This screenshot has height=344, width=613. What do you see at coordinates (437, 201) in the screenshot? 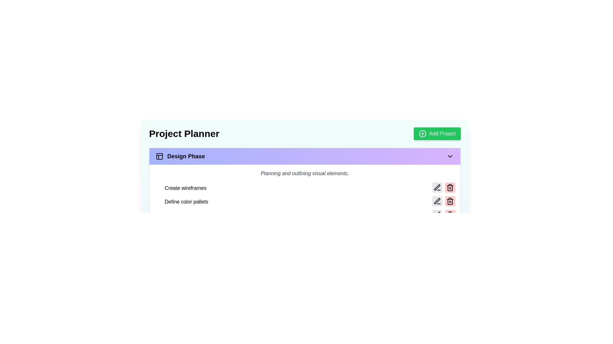
I see `the first button in the group of two interactive buttons to the right of the 'Create wireframes' row to initiate edit mode` at bounding box center [437, 201].